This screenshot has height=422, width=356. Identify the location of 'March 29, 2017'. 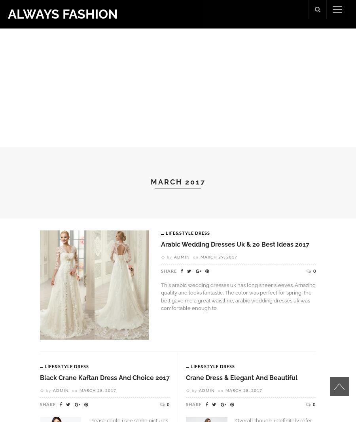
(199, 256).